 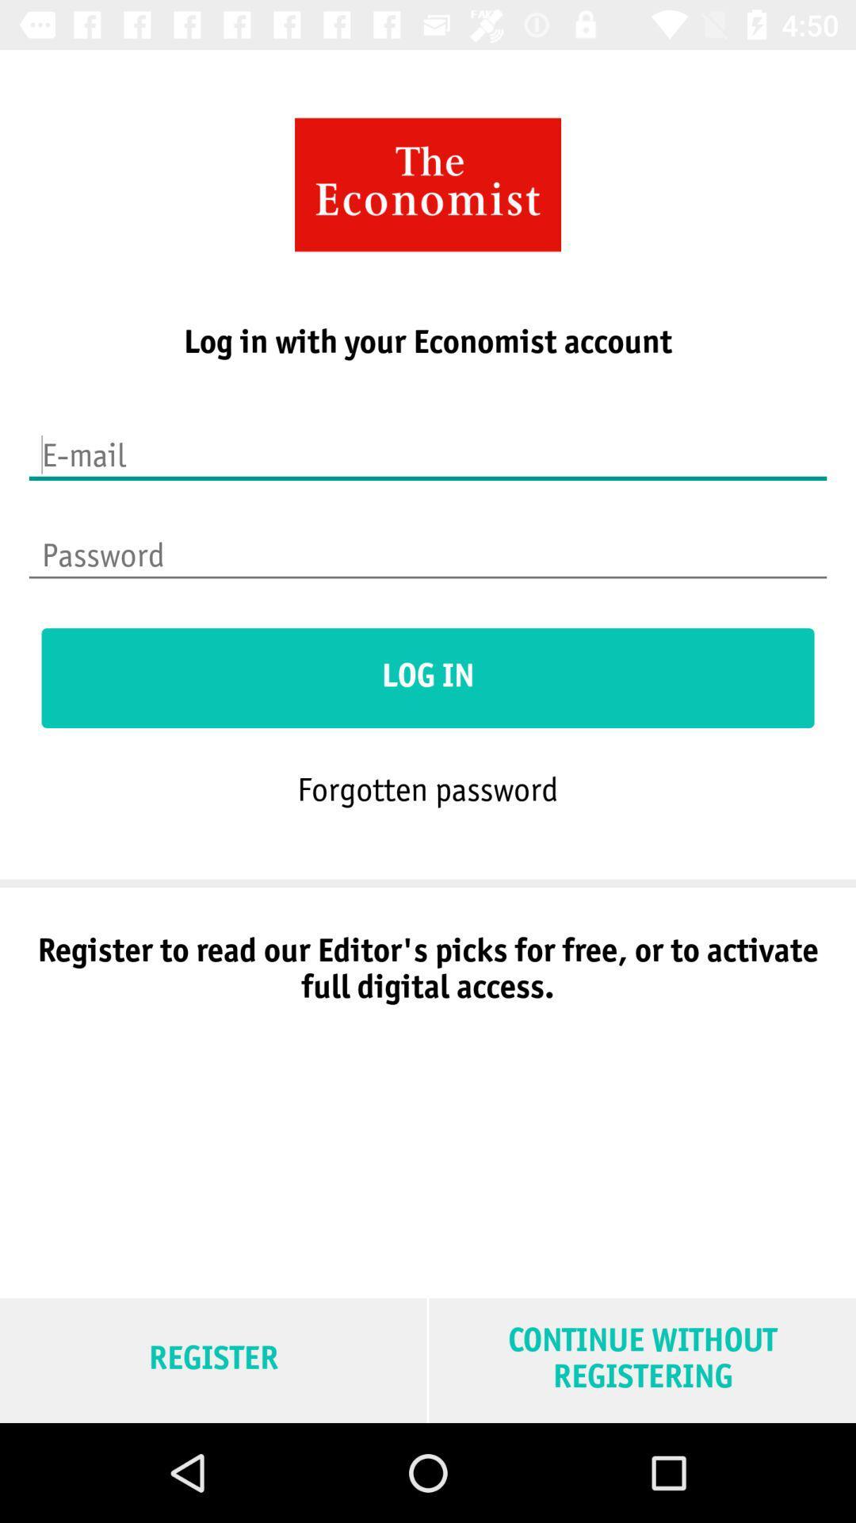 What do you see at coordinates (426, 788) in the screenshot?
I see `icon below the log in` at bounding box center [426, 788].